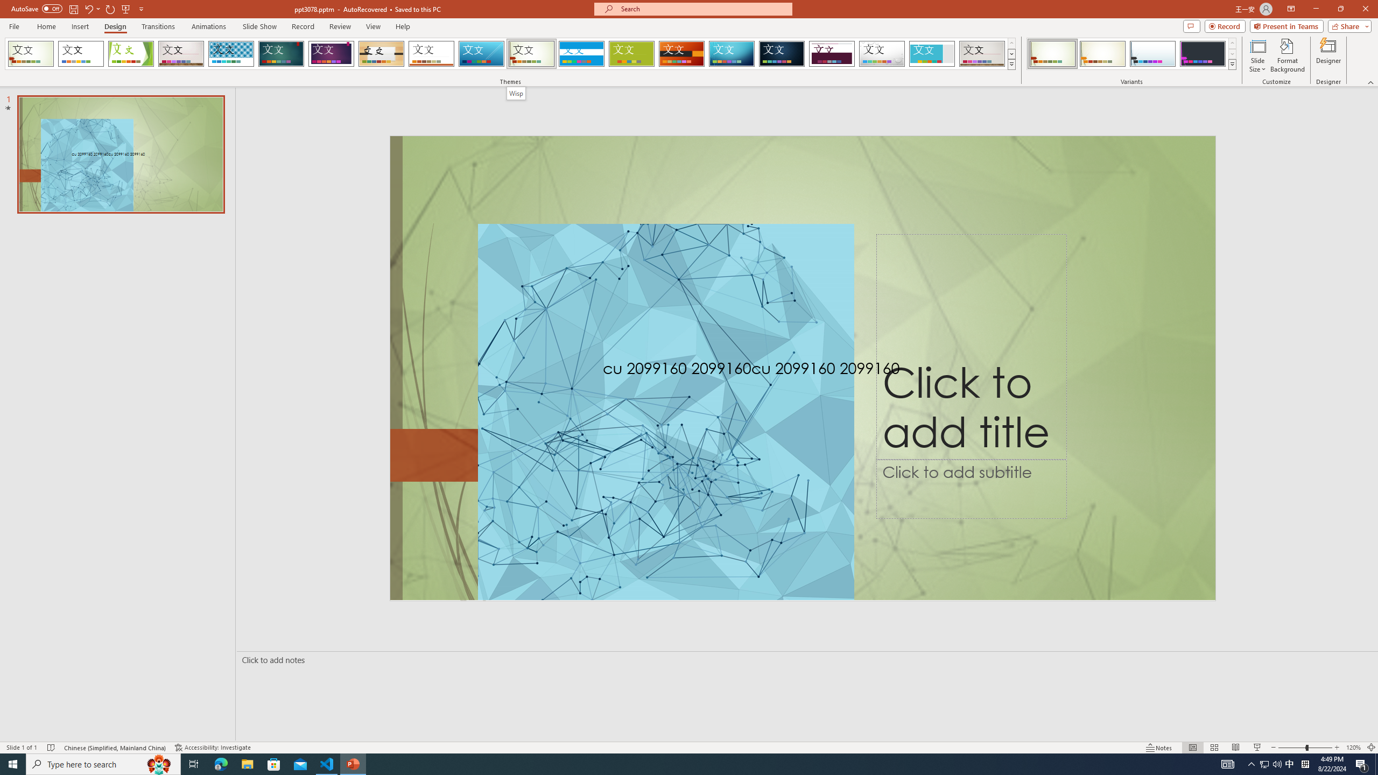 Image resolution: width=1378 pixels, height=775 pixels. Describe the element at coordinates (1202, 53) in the screenshot. I see `'Wisp Variant 4'` at that location.